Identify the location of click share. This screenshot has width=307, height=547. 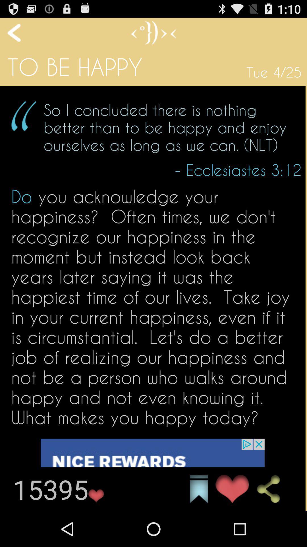
(273, 489).